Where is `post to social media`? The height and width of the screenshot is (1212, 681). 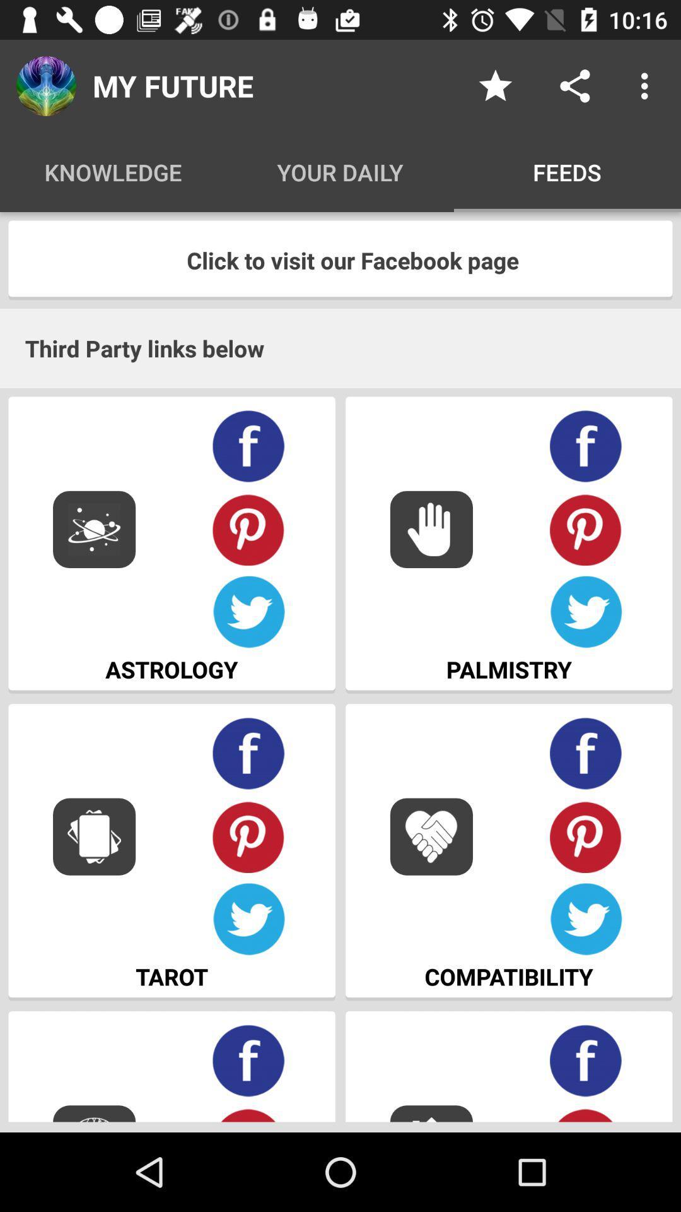
post to social media is located at coordinates (574, 85).